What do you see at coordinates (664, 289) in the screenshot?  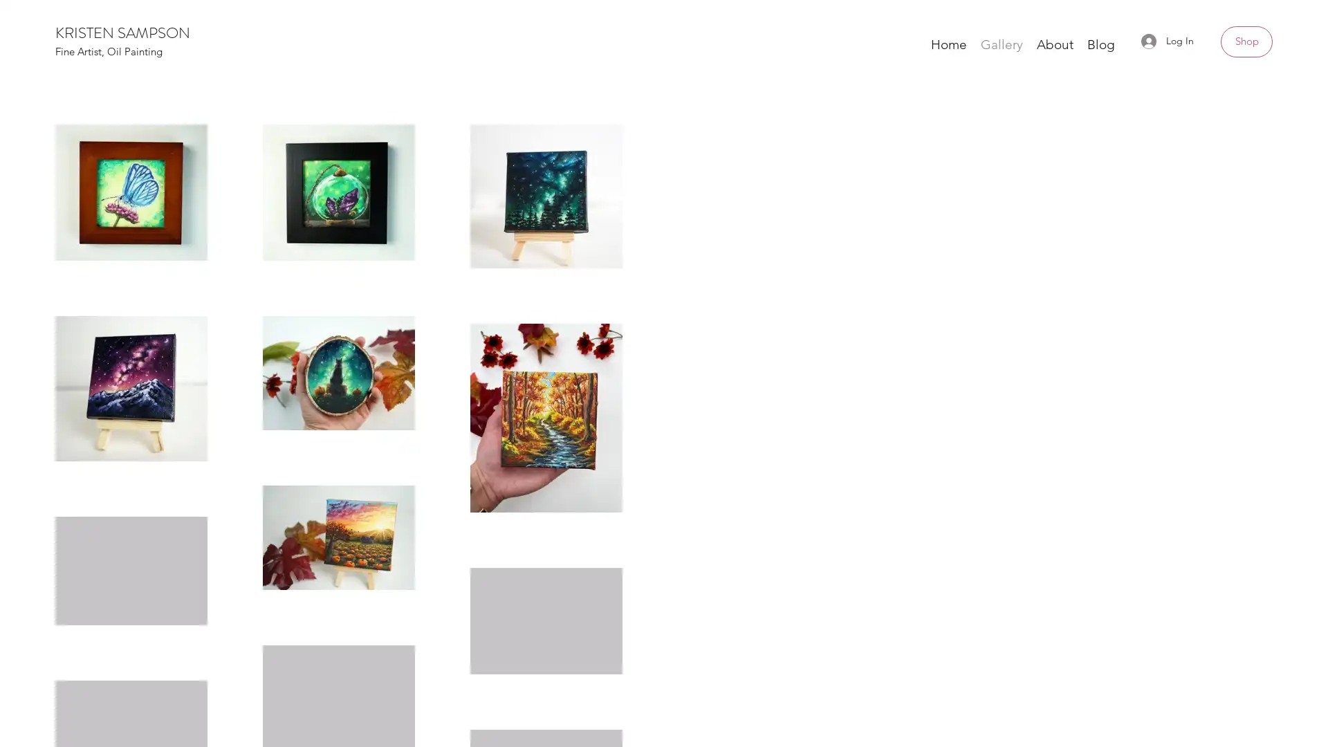 I see `"Tiny Treasures" 3x3in - 2021` at bounding box center [664, 289].